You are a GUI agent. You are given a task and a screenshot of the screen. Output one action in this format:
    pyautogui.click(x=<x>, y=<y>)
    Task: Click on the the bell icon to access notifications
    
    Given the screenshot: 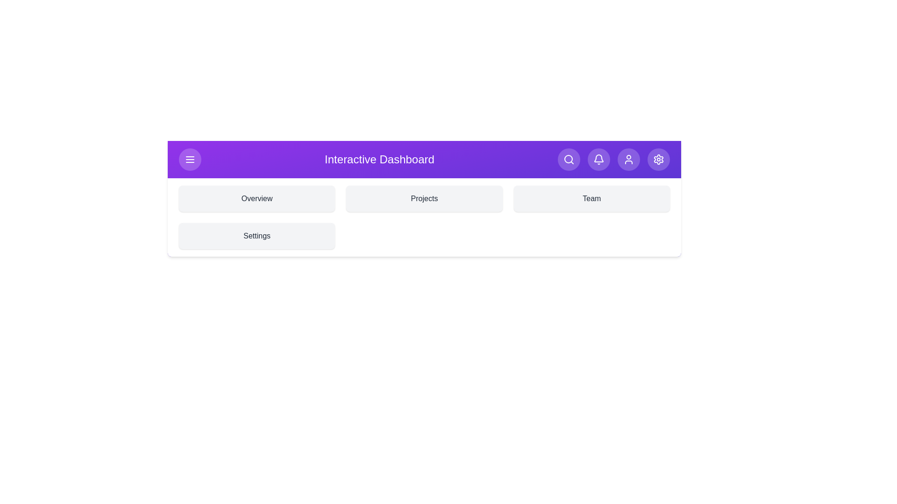 What is the action you would take?
    pyautogui.click(x=598, y=159)
    